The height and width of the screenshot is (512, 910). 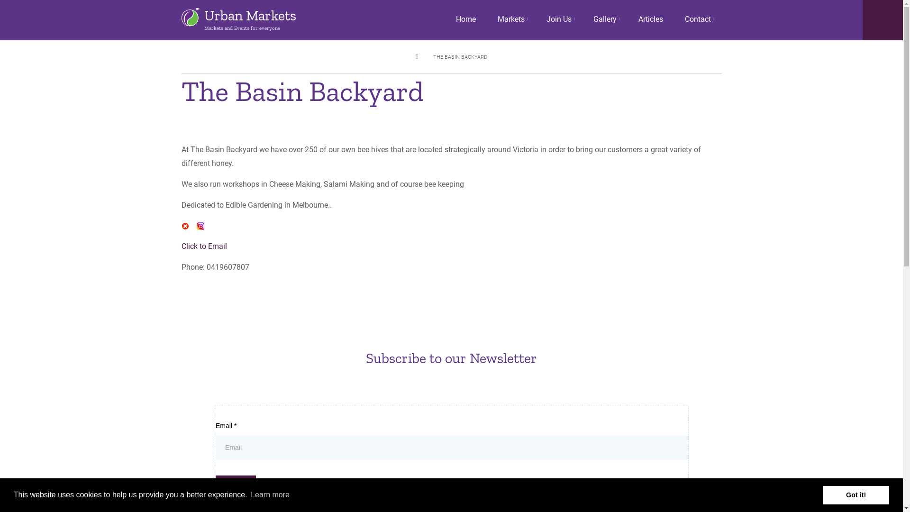 What do you see at coordinates (855, 494) in the screenshot?
I see `'Got it!'` at bounding box center [855, 494].